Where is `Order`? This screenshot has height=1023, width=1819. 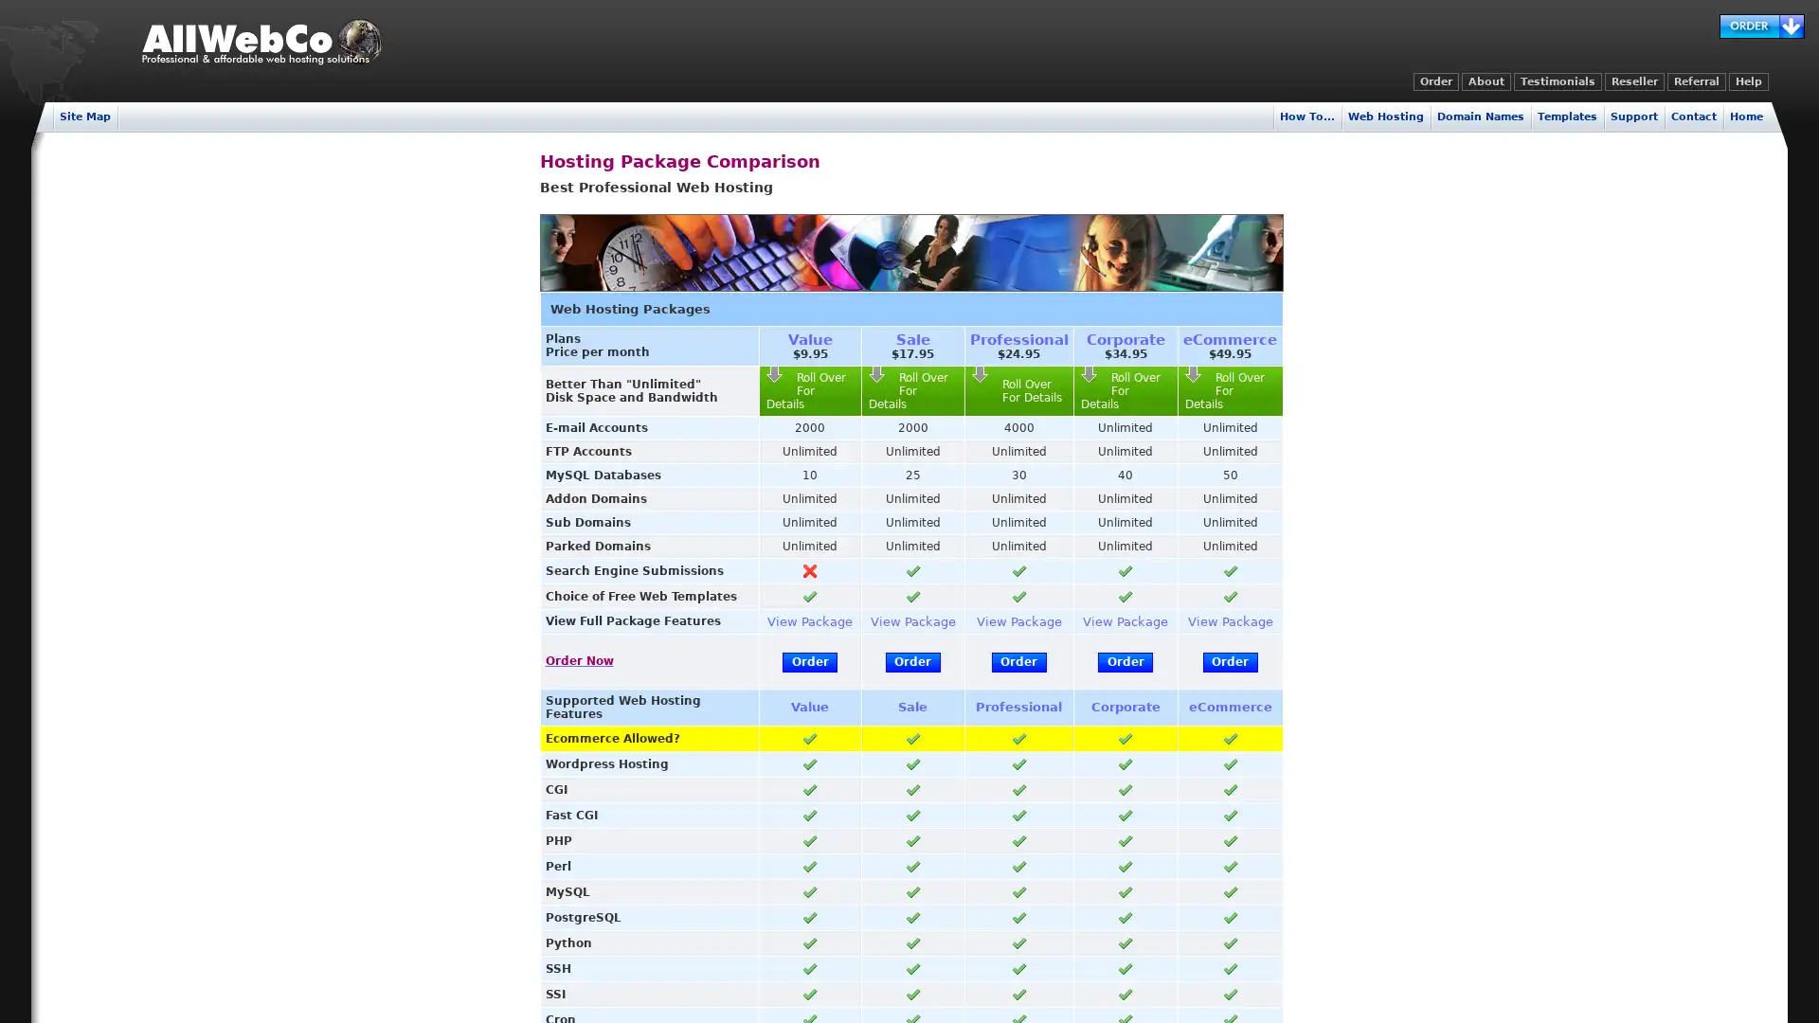
Order is located at coordinates (1229, 660).